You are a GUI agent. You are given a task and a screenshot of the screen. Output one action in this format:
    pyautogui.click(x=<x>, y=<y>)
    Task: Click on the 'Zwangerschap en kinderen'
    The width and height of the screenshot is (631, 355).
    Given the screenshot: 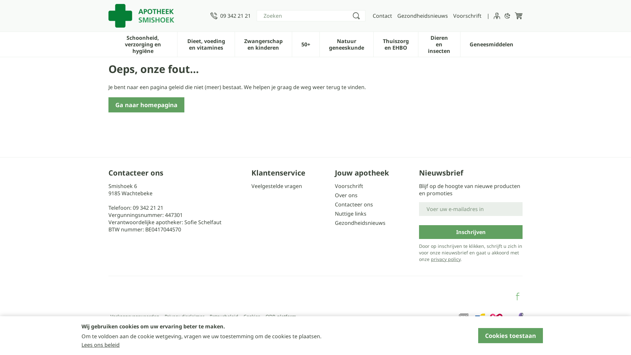 What is the action you would take?
    pyautogui.click(x=263, y=43)
    